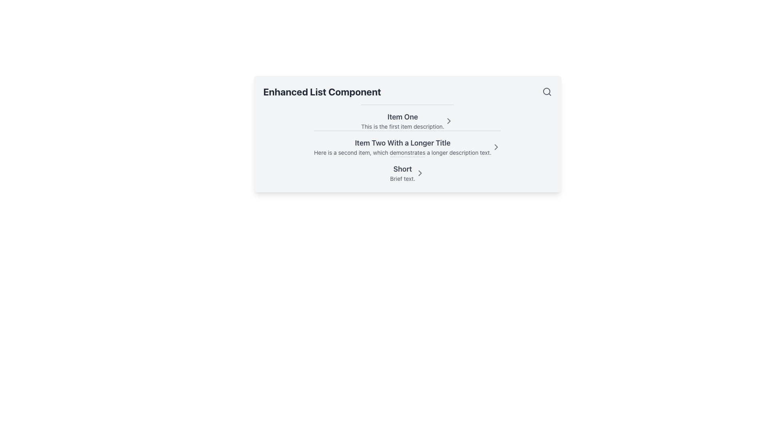 The height and width of the screenshot is (433, 769). I want to click on descriptive text block labeled 'Item Two With a Longer Title' which is the second item in a vertical list, so click(403, 147).